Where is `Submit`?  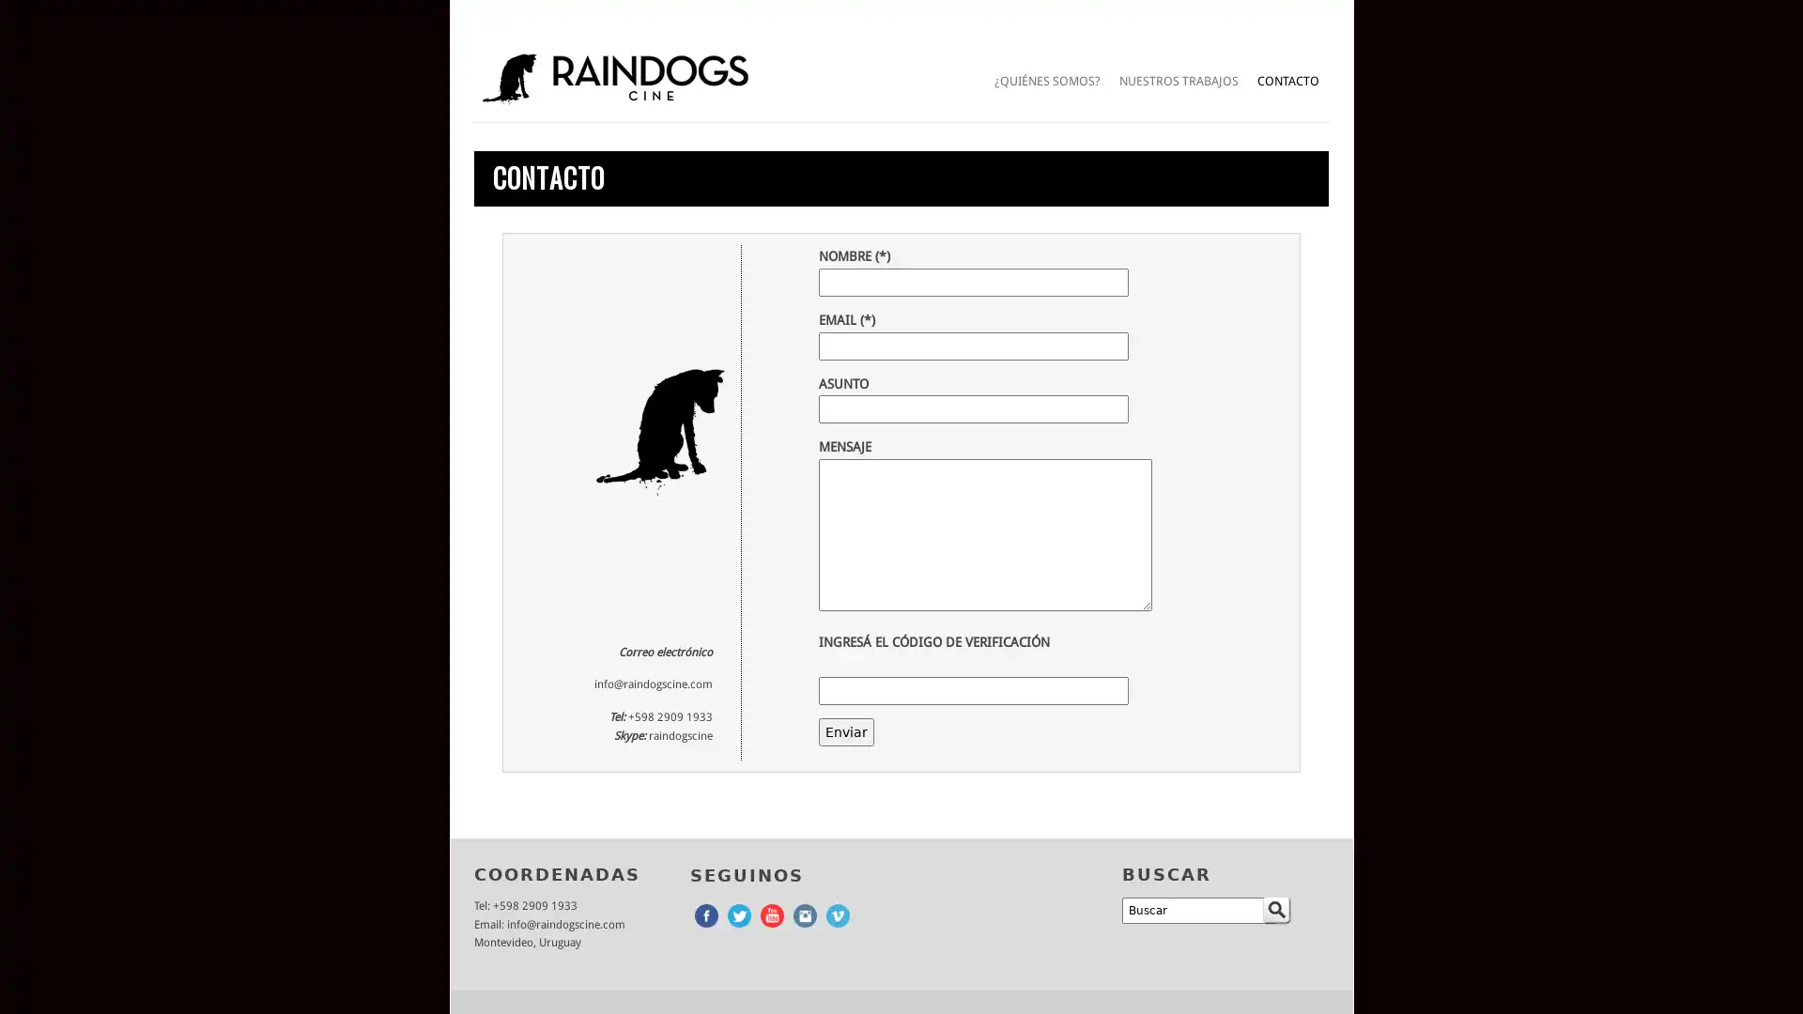
Submit is located at coordinates (1275, 909).